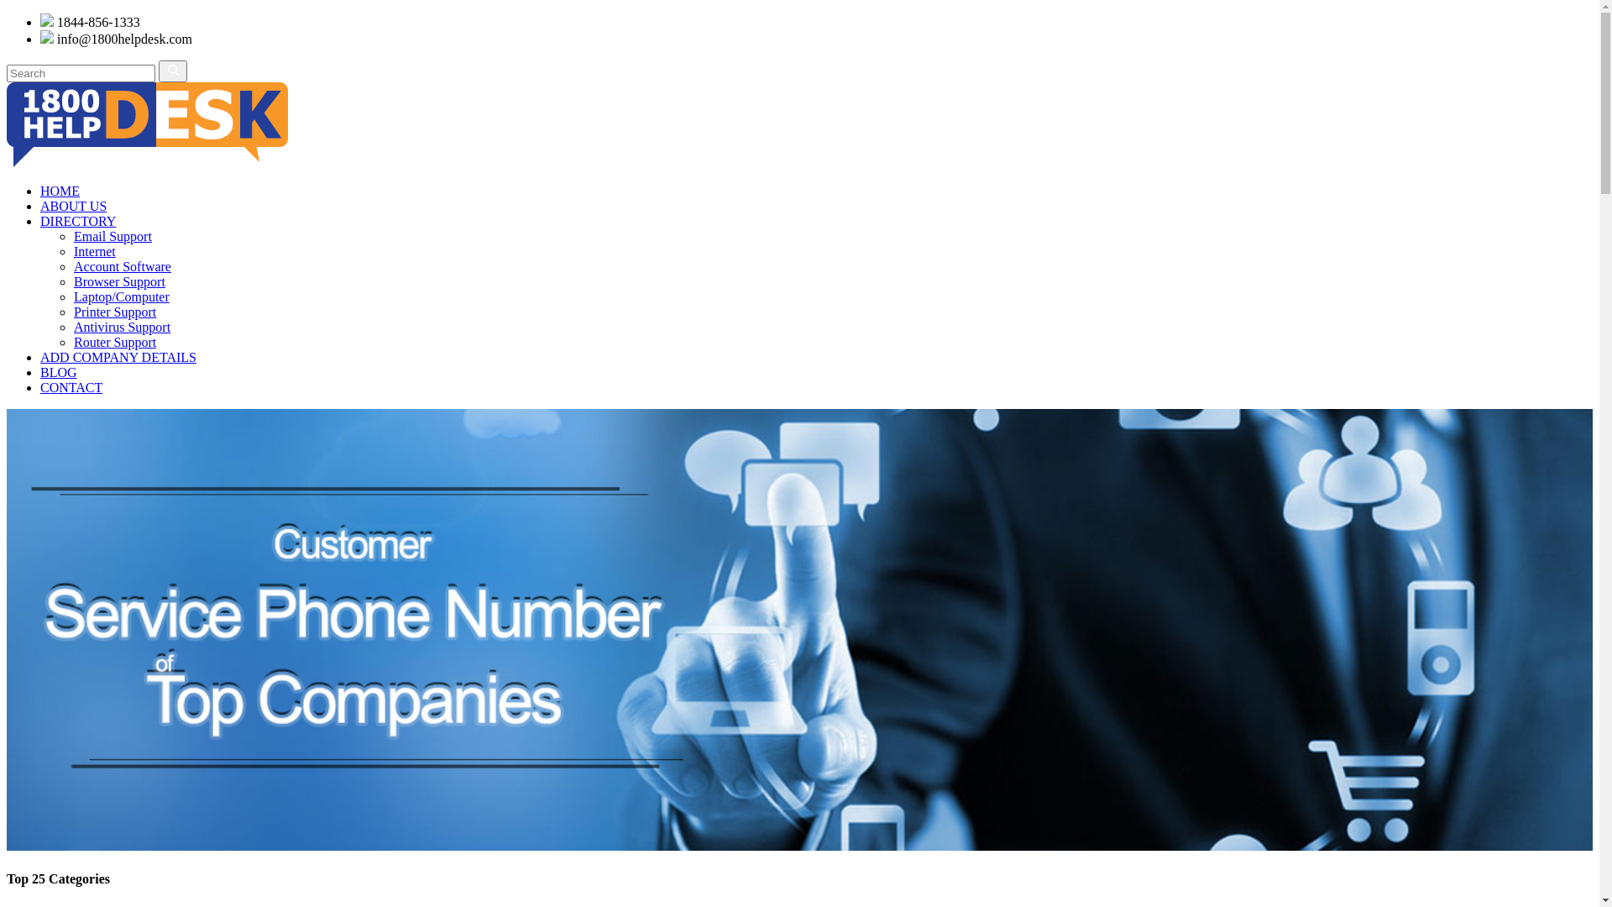 This screenshot has height=907, width=1612. What do you see at coordinates (117, 356) in the screenshot?
I see `'ADD COMPANY DETAILS'` at bounding box center [117, 356].